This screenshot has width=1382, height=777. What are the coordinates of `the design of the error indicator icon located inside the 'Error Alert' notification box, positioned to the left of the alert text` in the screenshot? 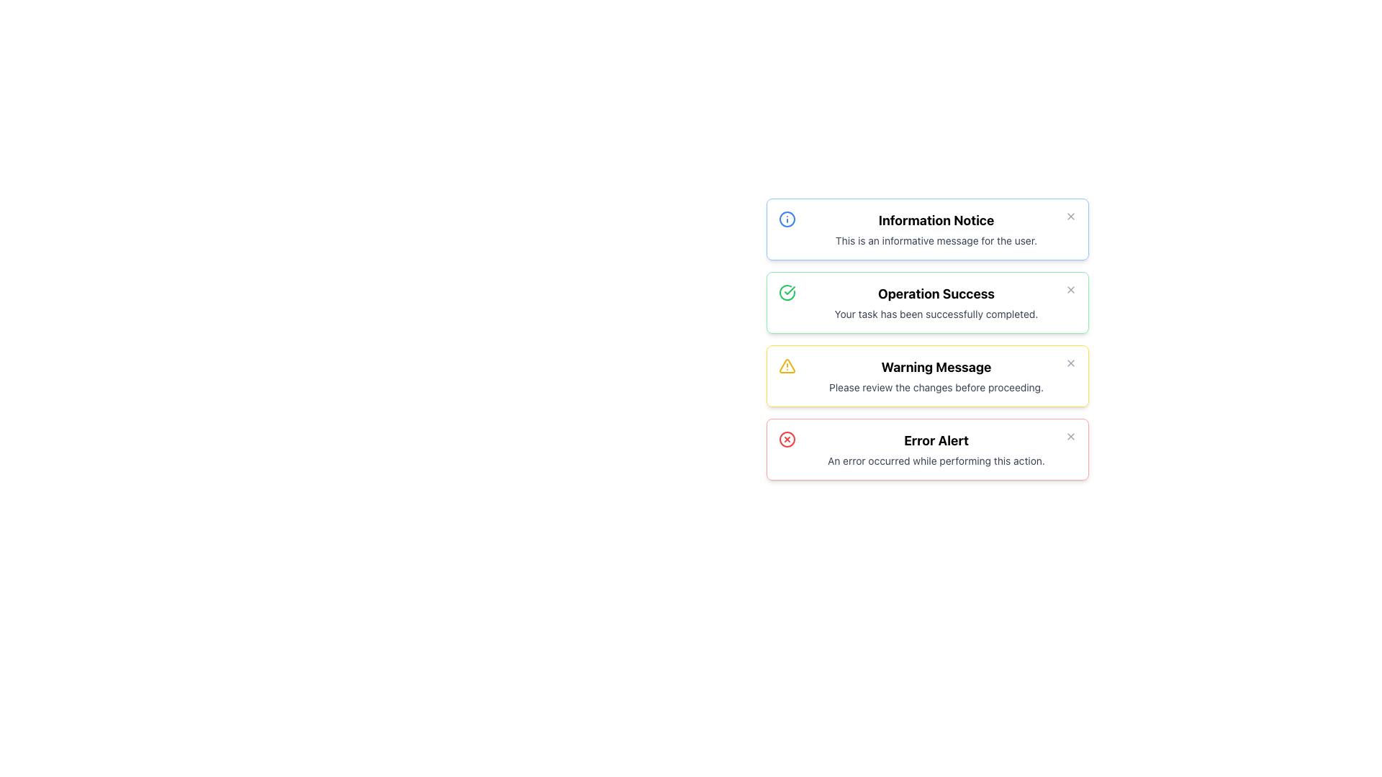 It's located at (787, 438).